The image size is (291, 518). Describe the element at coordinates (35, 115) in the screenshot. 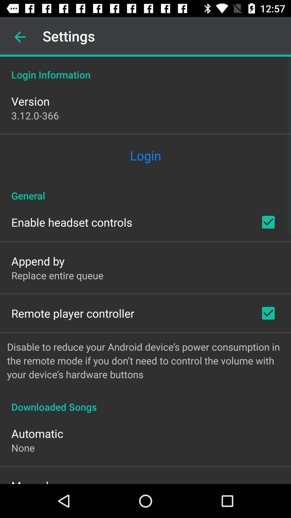

I see `the icon below version icon` at that location.